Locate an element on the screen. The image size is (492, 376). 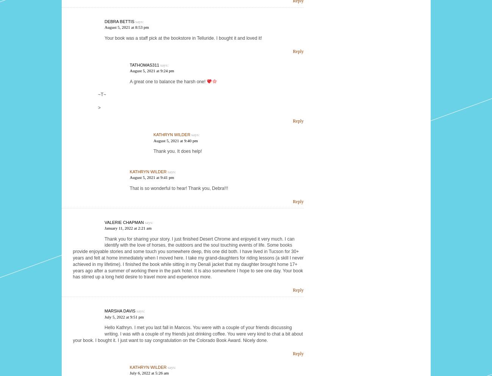
'August 5, 2021 at 8:53 pm' is located at coordinates (126, 27).